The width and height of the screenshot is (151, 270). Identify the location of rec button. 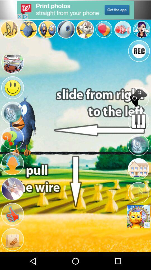
(139, 51).